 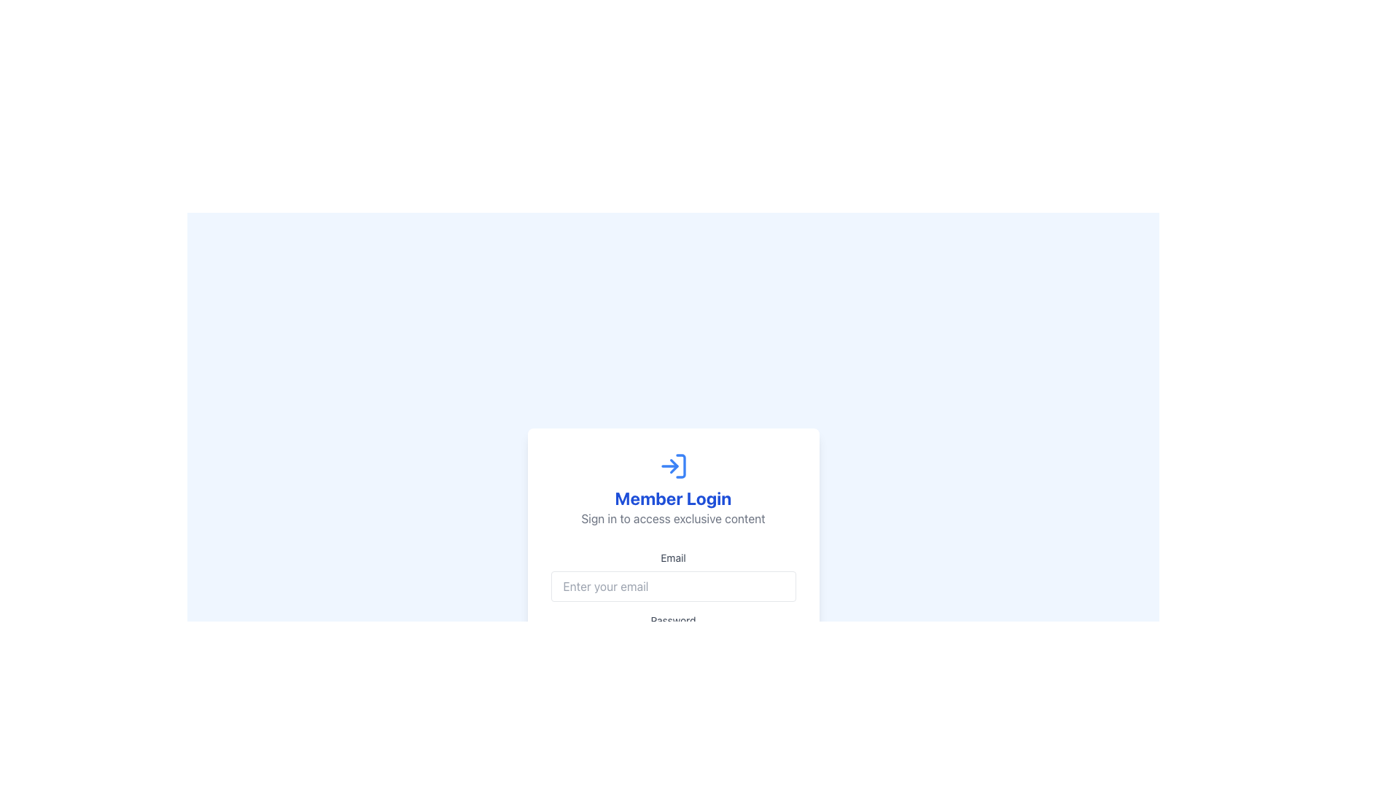 What do you see at coordinates (672, 518) in the screenshot?
I see `the Static Text that provides additional information about the login form, positioned below the 'Member Login' heading and above the input fields` at bounding box center [672, 518].